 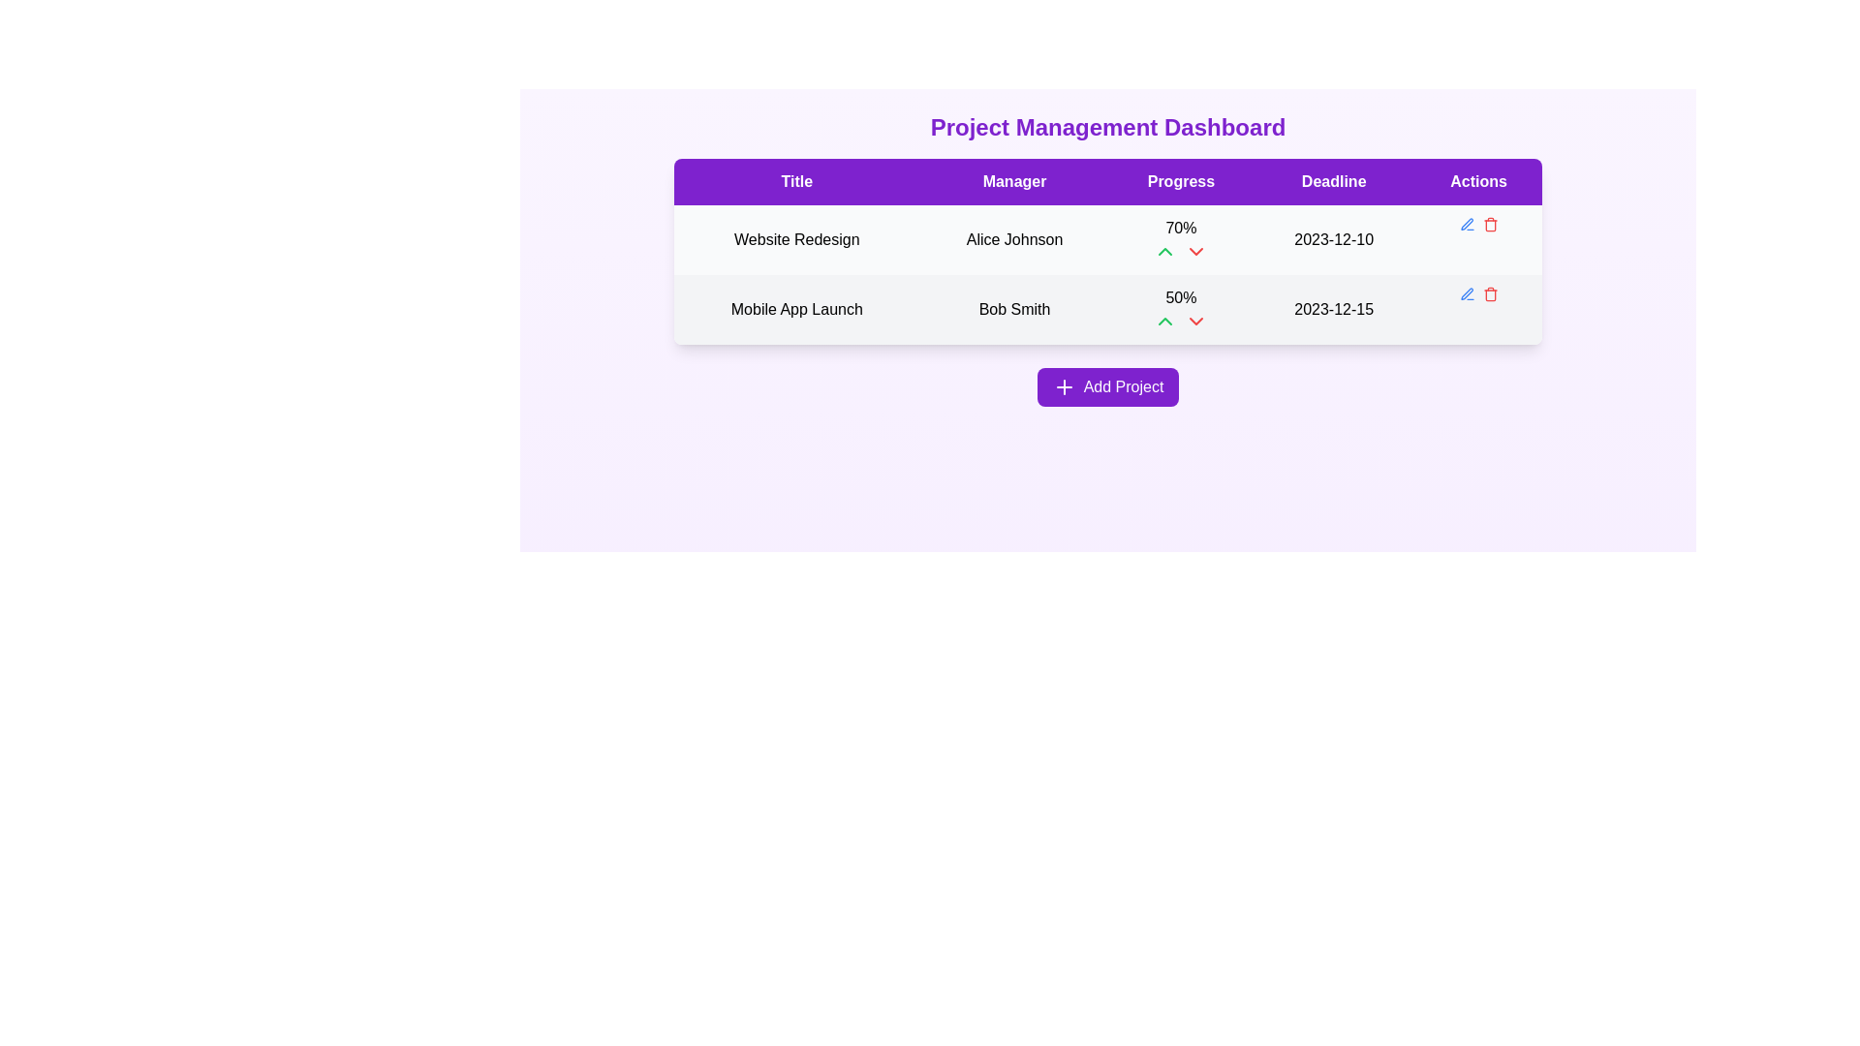 What do you see at coordinates (1013, 309) in the screenshot?
I see `the text label displaying 'Bob Smith', which is centered in a light gray background and located in the second row of the grid under the 'Manager' column` at bounding box center [1013, 309].